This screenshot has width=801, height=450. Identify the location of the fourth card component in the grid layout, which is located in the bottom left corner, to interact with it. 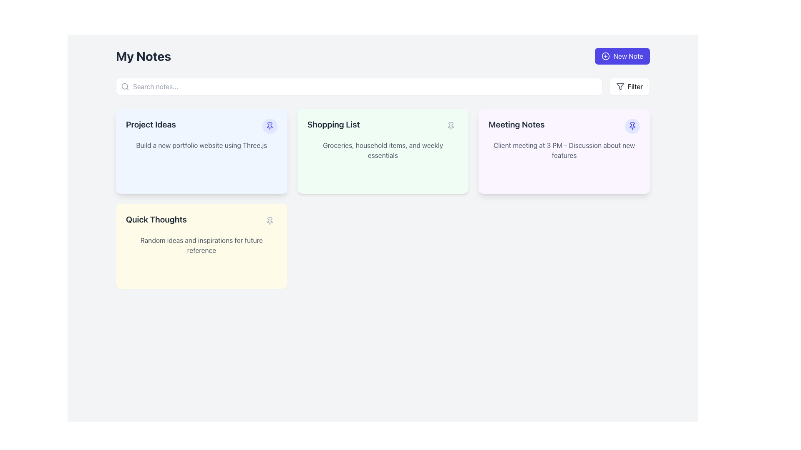
(202, 245).